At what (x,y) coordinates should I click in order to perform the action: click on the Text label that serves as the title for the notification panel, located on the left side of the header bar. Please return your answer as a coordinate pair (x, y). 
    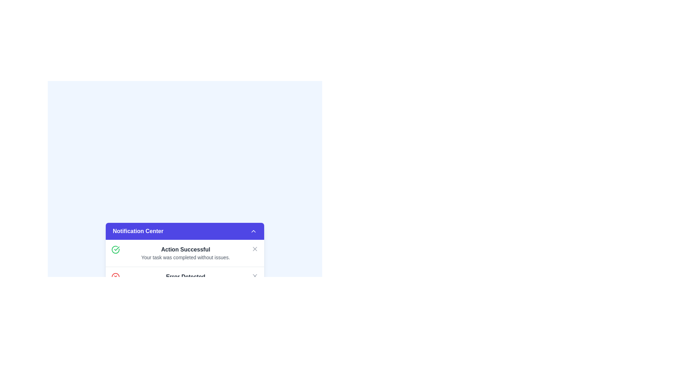
    Looking at the image, I should click on (138, 231).